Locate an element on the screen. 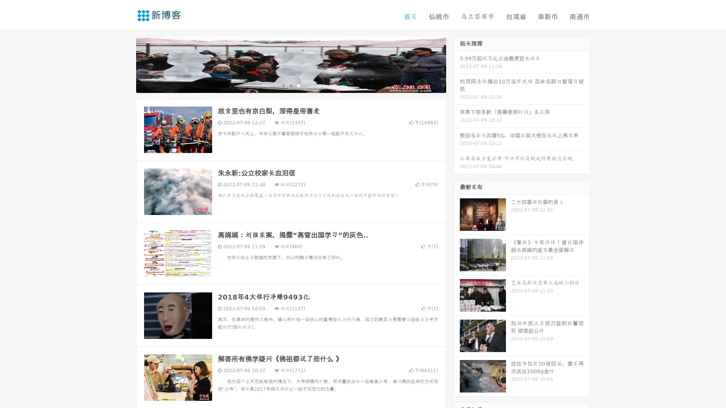 This screenshot has height=408, width=726. Go to slide 1 is located at coordinates (283, 85).